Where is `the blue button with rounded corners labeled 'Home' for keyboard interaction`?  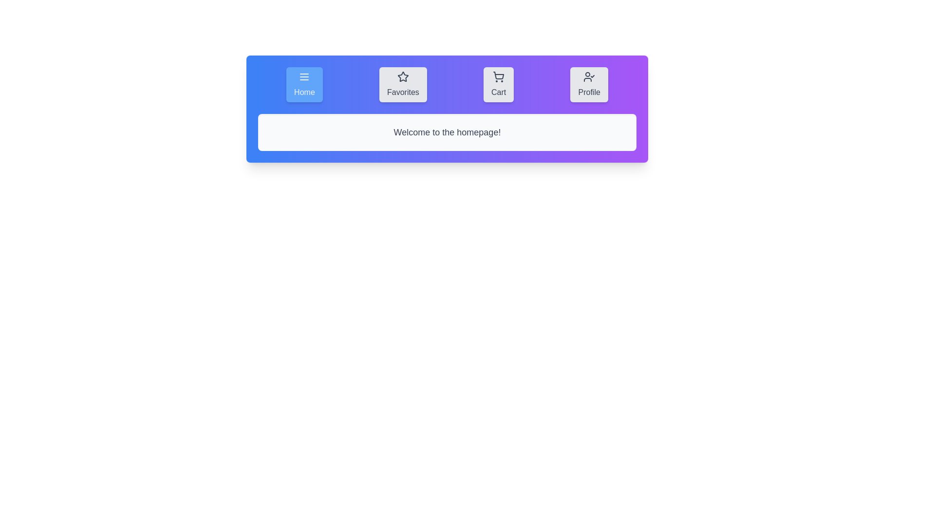
the blue button with rounded corners labeled 'Home' for keyboard interaction is located at coordinates (304, 84).